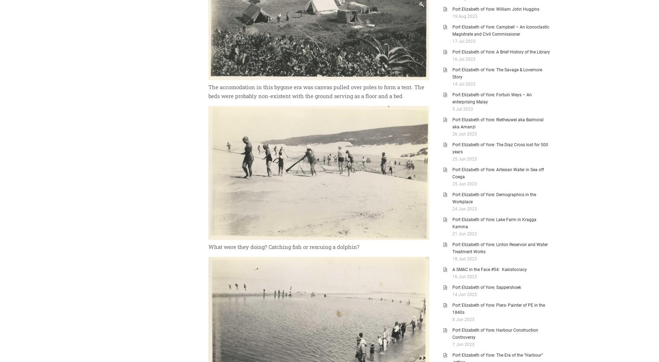 The width and height of the screenshot is (659, 362). What do you see at coordinates (495, 333) in the screenshot?
I see `'Port Elizabeth of Yore: Harbour Construction Controversy'` at bounding box center [495, 333].